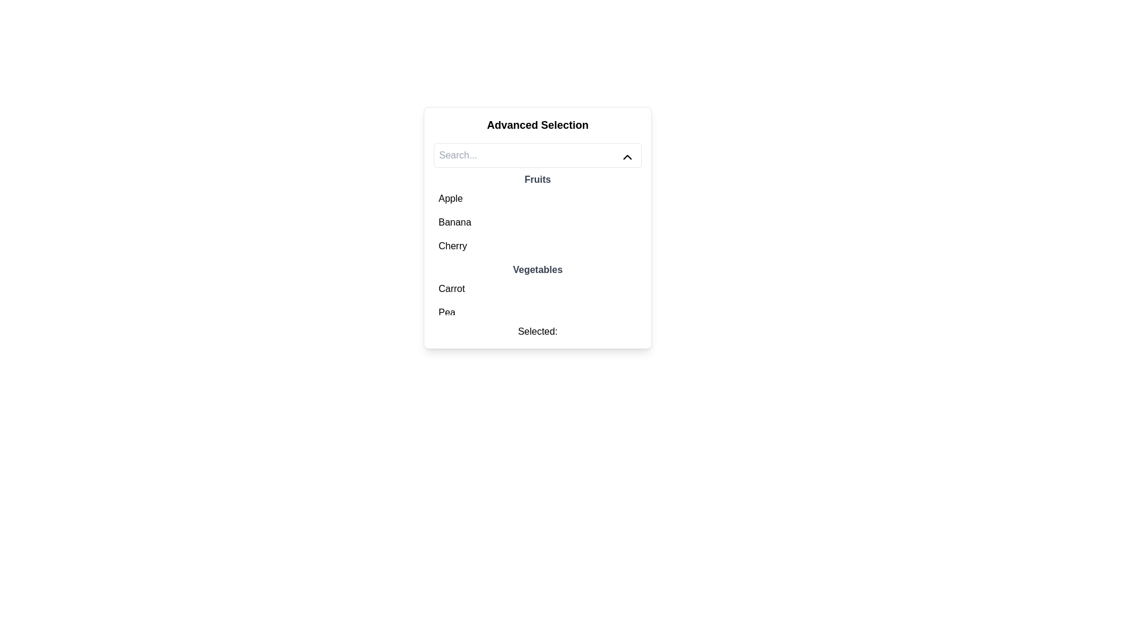  I want to click on the 'Vegetables' category header label in the dropdown menu to identify and locate vegetable-related items, so click(537, 270).